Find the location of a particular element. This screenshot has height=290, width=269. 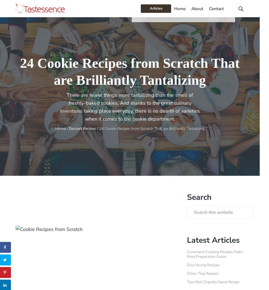

'/' is located at coordinates (65, 128).